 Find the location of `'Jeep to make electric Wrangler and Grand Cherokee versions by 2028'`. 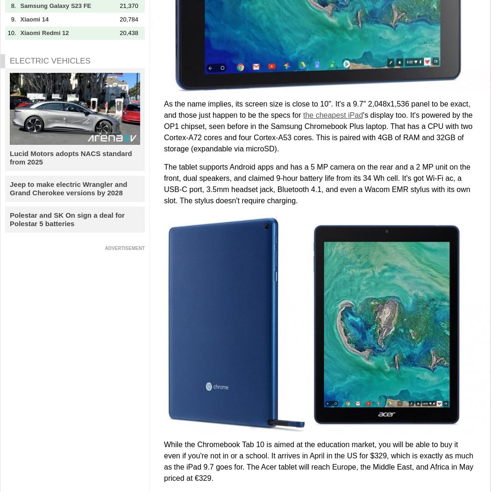

'Jeep to make electric Wrangler and Grand Cherokee versions by 2028' is located at coordinates (68, 188).